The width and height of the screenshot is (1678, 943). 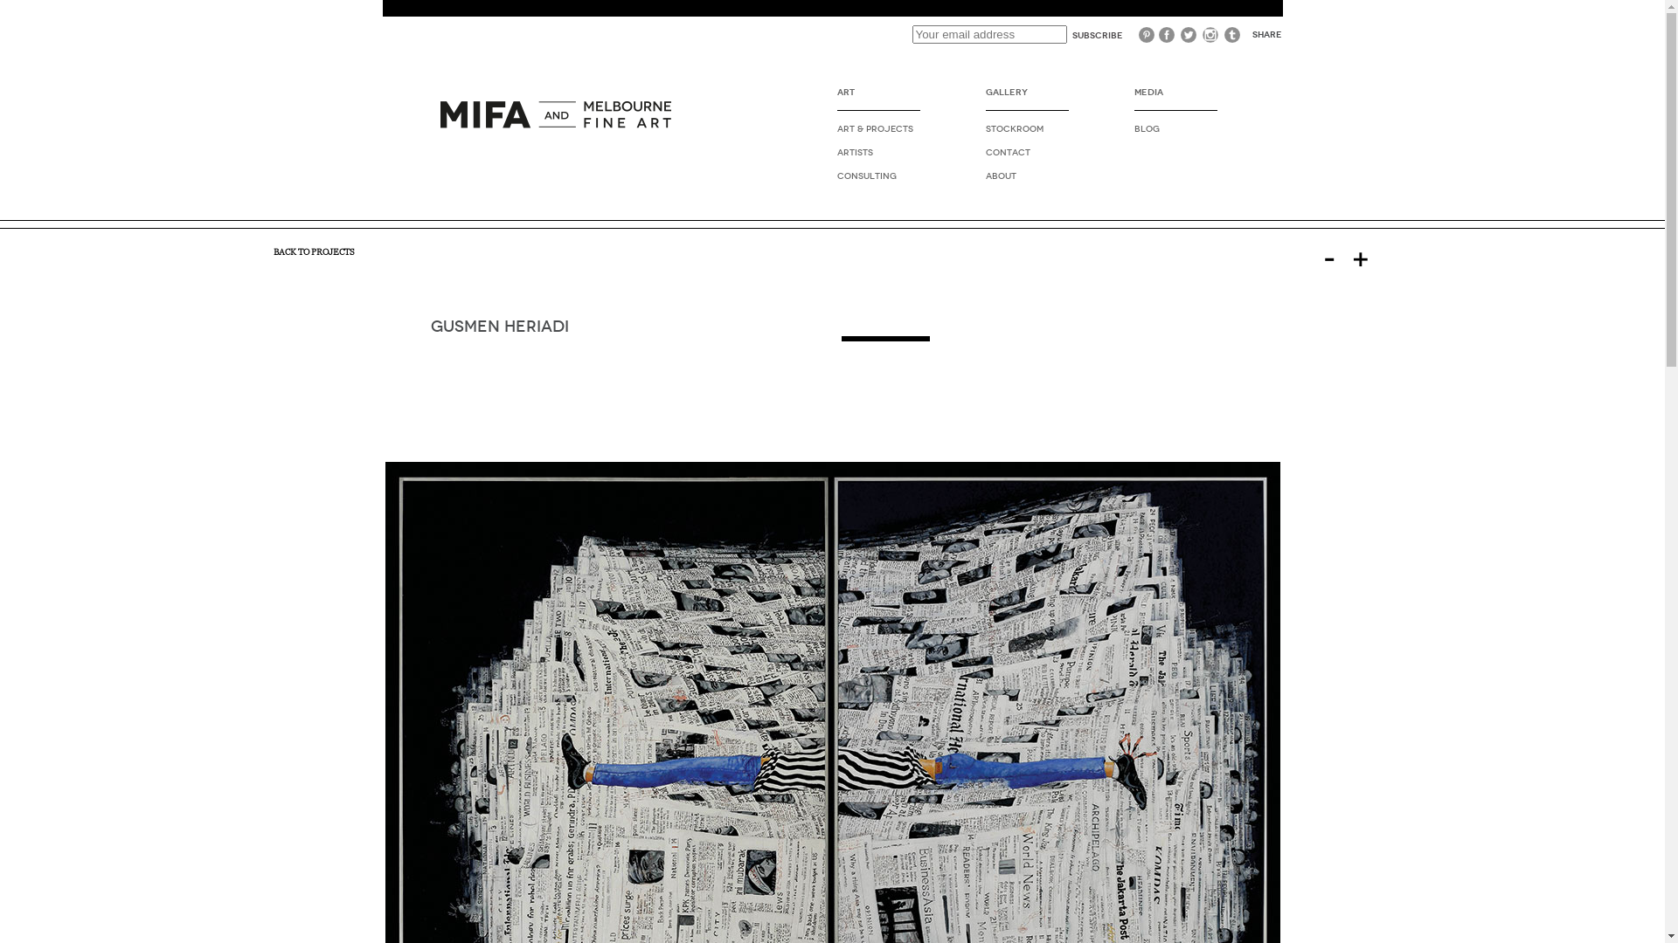 What do you see at coordinates (878, 176) in the screenshot?
I see `'CONSULTING'` at bounding box center [878, 176].